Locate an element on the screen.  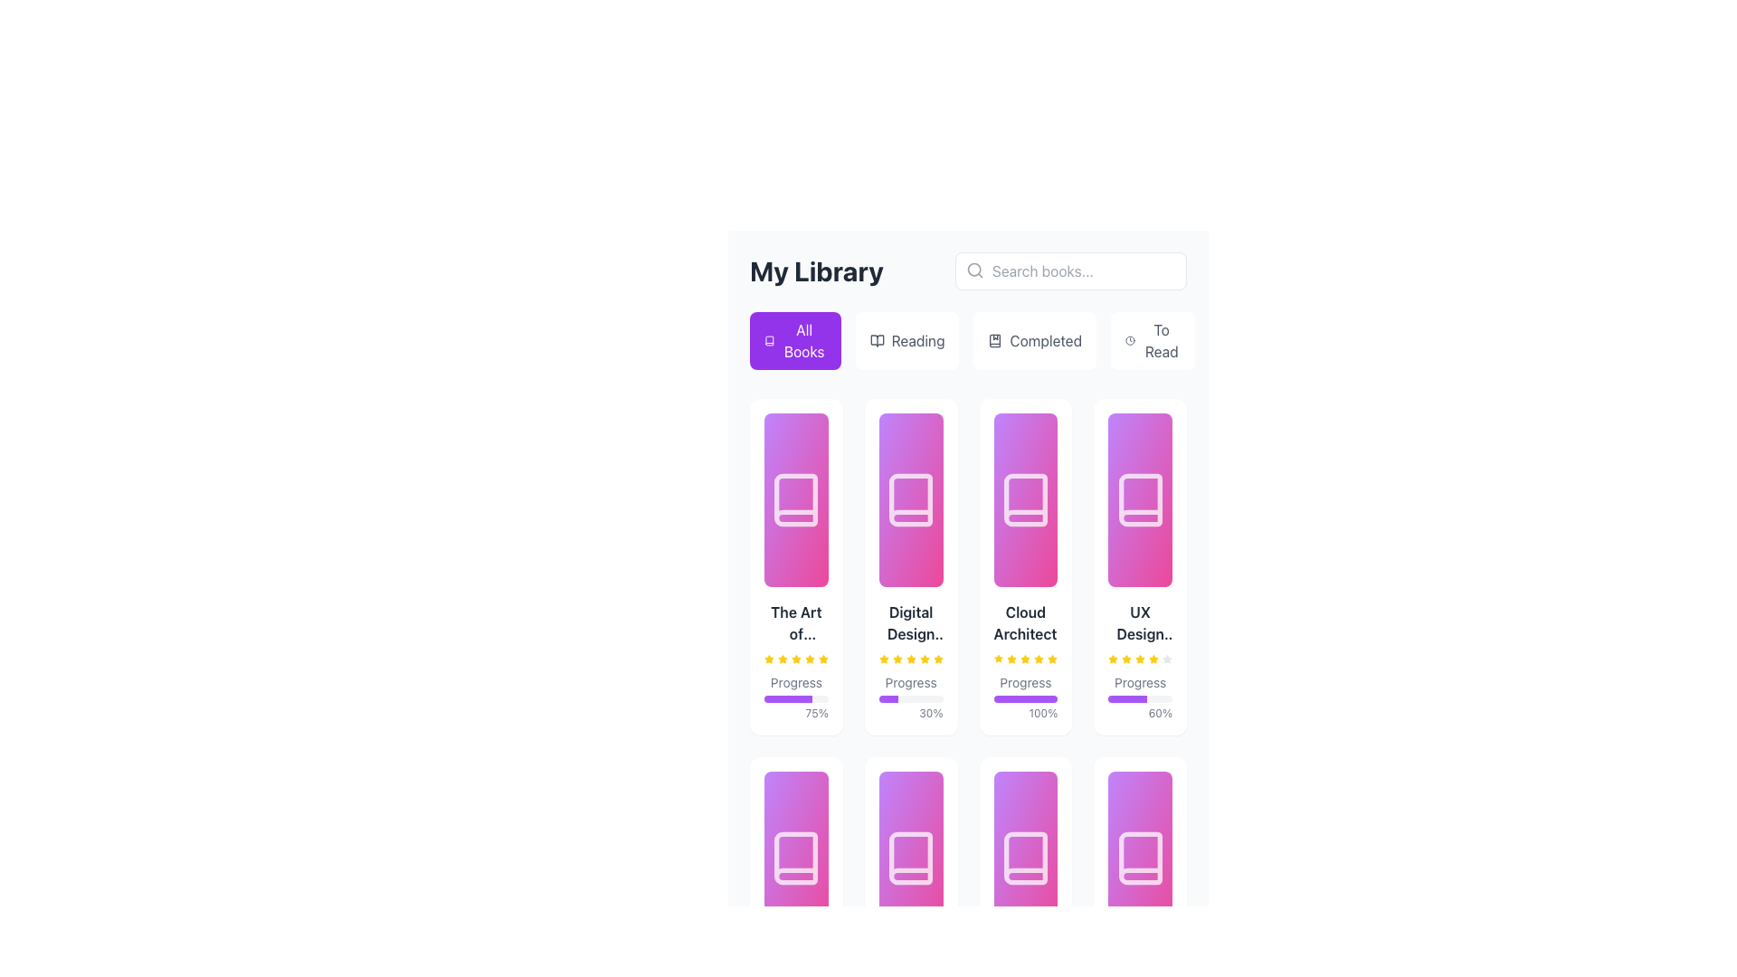
the third star-shaped icon in the rating control for the 'Cloud Architect' card, which has a yellow fill and dark outline is located at coordinates (1011, 659).